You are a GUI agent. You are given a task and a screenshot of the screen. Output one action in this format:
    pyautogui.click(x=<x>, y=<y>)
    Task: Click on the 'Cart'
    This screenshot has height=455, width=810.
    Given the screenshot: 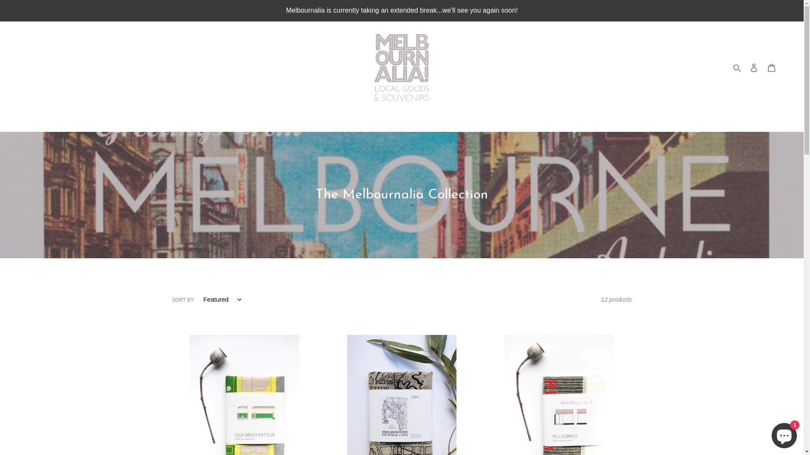 What is the action you would take?
    pyautogui.click(x=771, y=67)
    